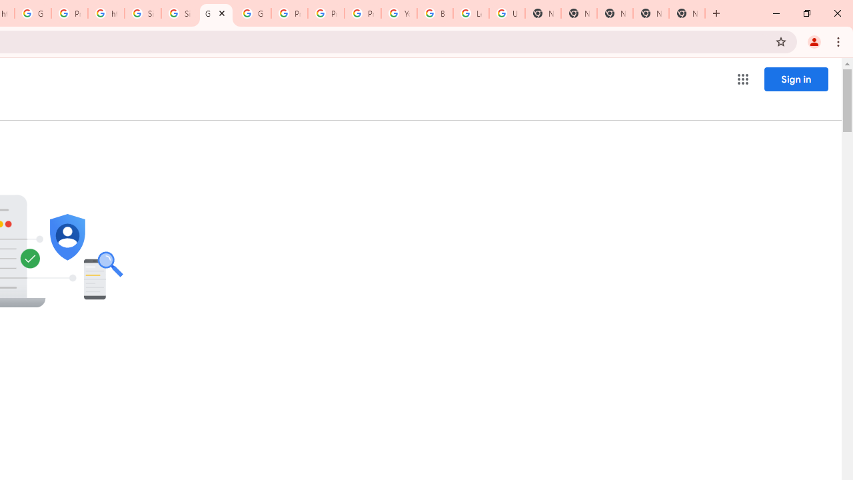 The width and height of the screenshot is (853, 480). What do you see at coordinates (143, 13) in the screenshot?
I see `'Sign in - Google Accounts'` at bounding box center [143, 13].